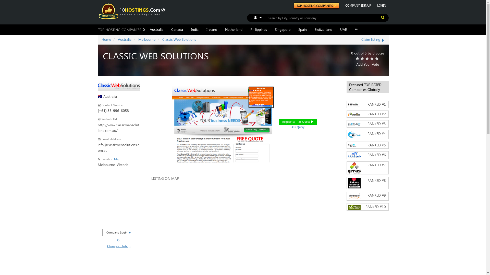  Describe the element at coordinates (233, 29) in the screenshot. I see `'Netherland'` at that location.